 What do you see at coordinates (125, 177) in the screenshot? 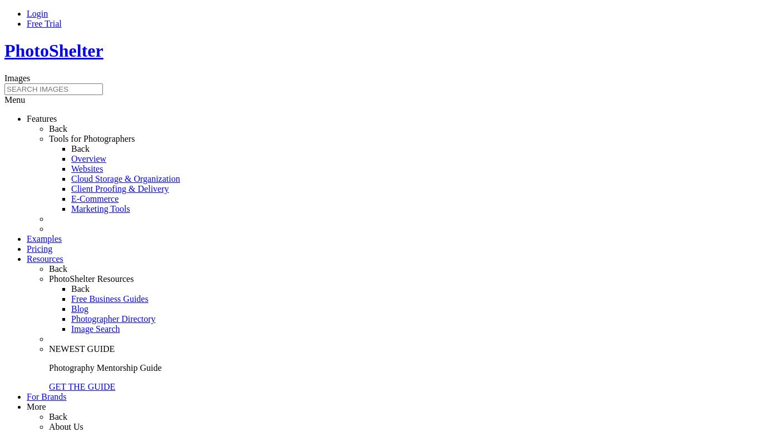
I see `'Cloud Storage & Organization'` at bounding box center [125, 177].